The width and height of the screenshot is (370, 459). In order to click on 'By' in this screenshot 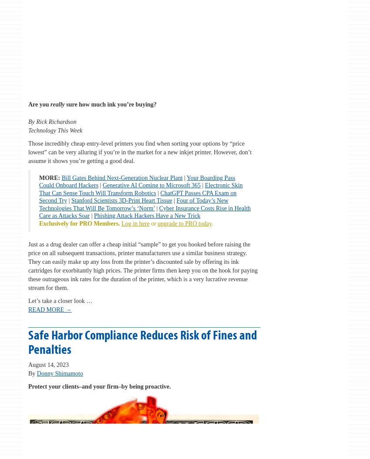, I will do `click(32, 373)`.